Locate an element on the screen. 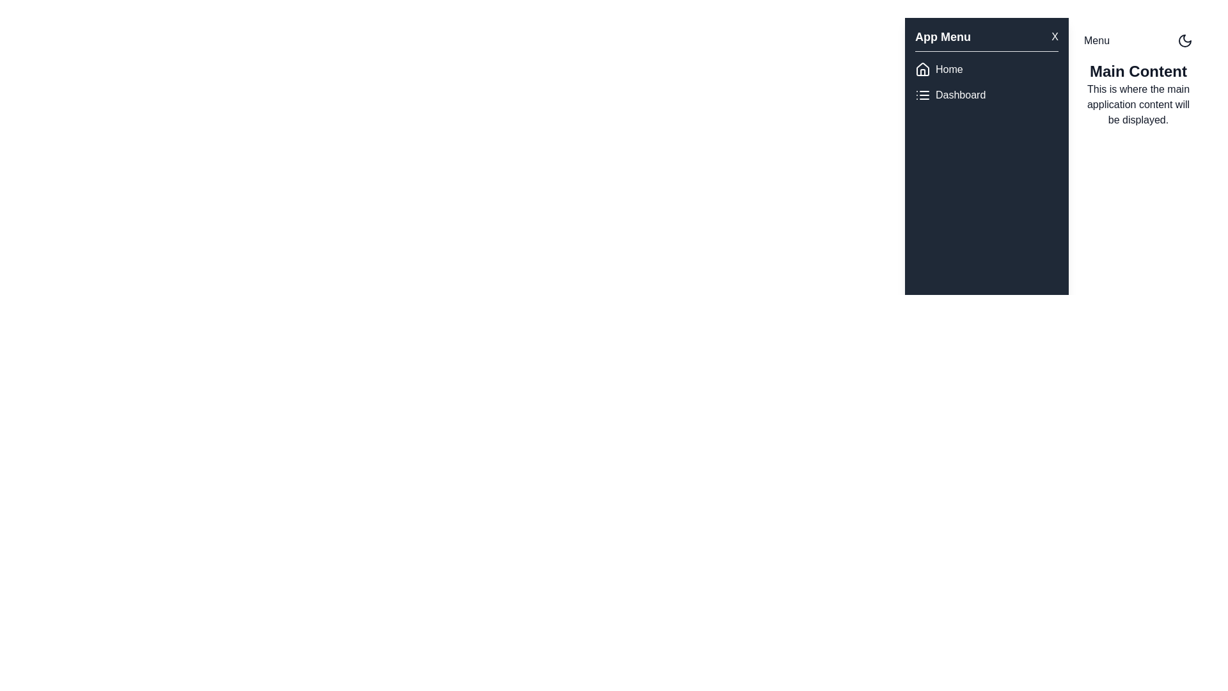 The image size is (1228, 691). the text label located at the top right of the interface is located at coordinates (1096, 40).